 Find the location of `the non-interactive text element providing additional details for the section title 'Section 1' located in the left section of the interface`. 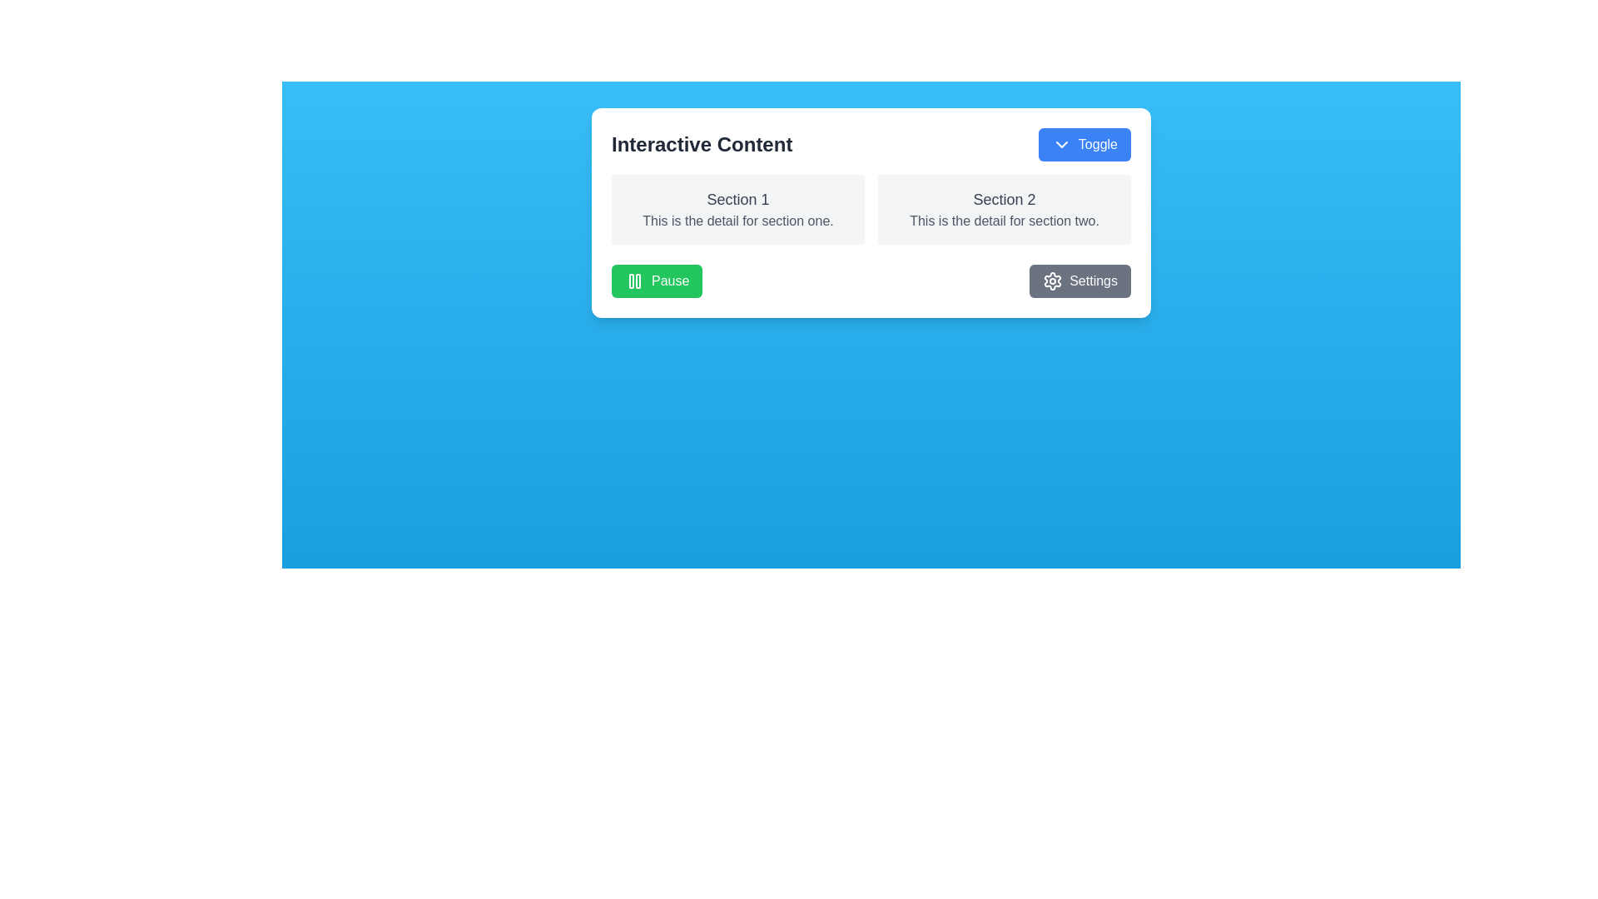

the non-interactive text element providing additional details for the section title 'Section 1' located in the left section of the interface is located at coordinates (737, 221).